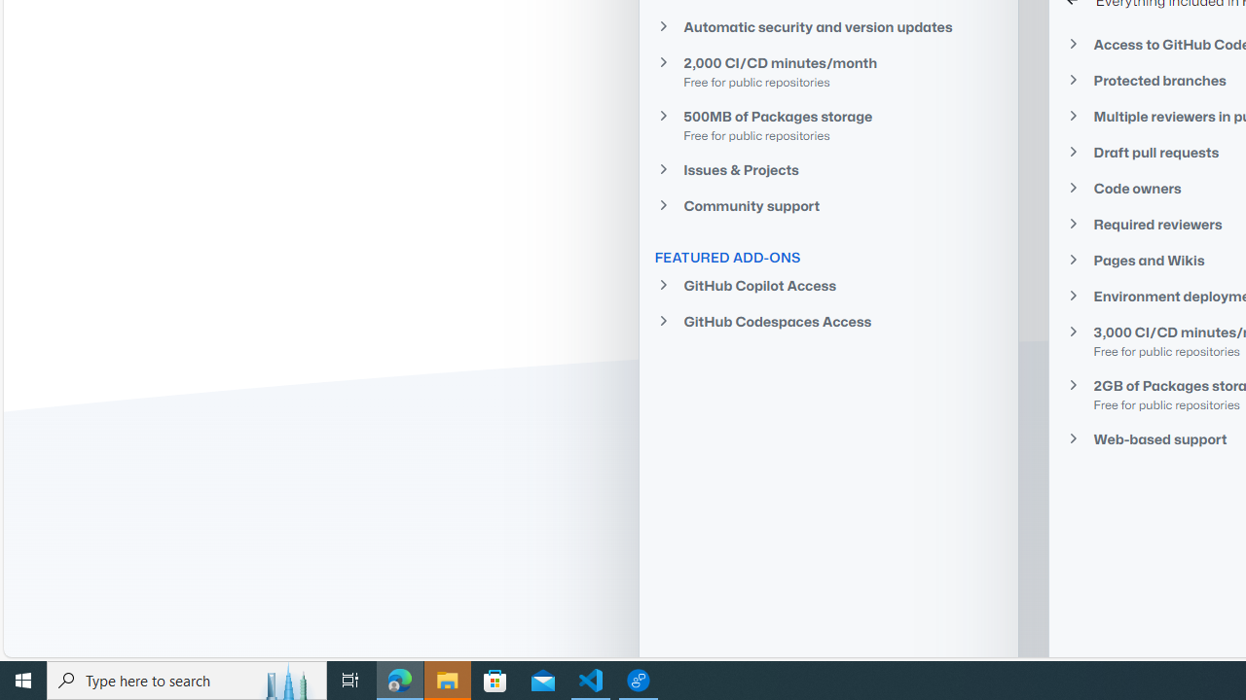  Describe the element at coordinates (828, 26) in the screenshot. I see `'Automatic security and version updates'` at that location.